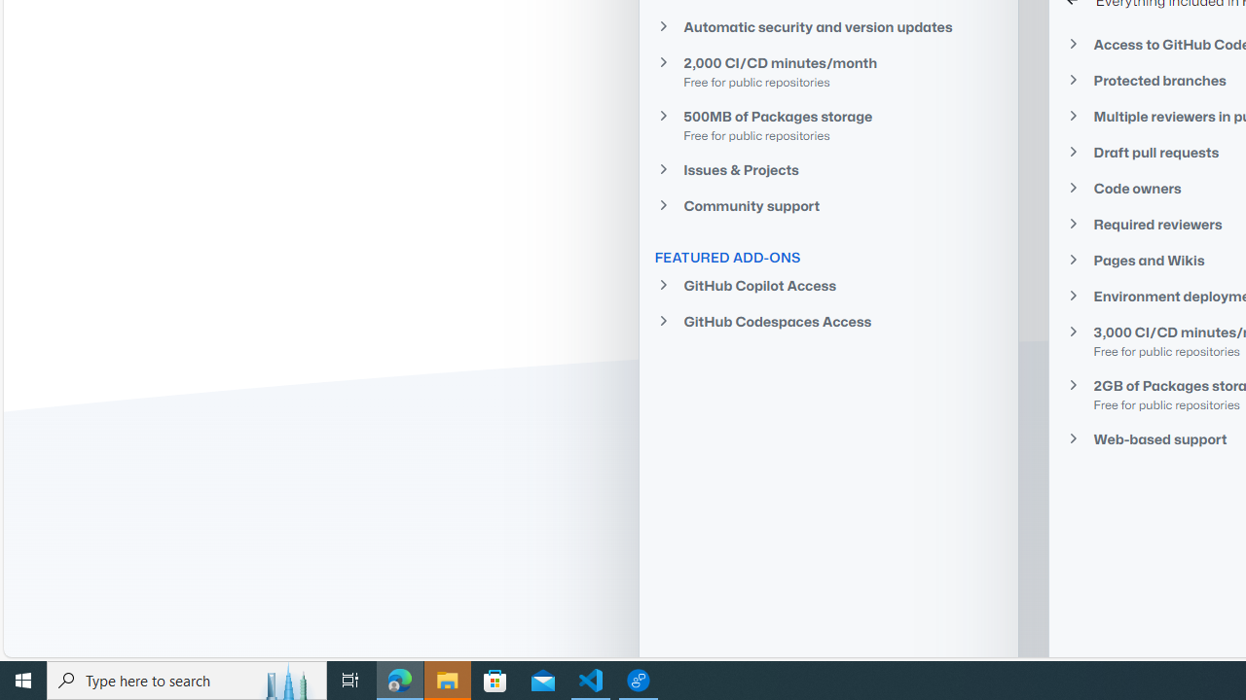  Describe the element at coordinates (828, 26) in the screenshot. I see `'Automatic security and version updates'` at that location.